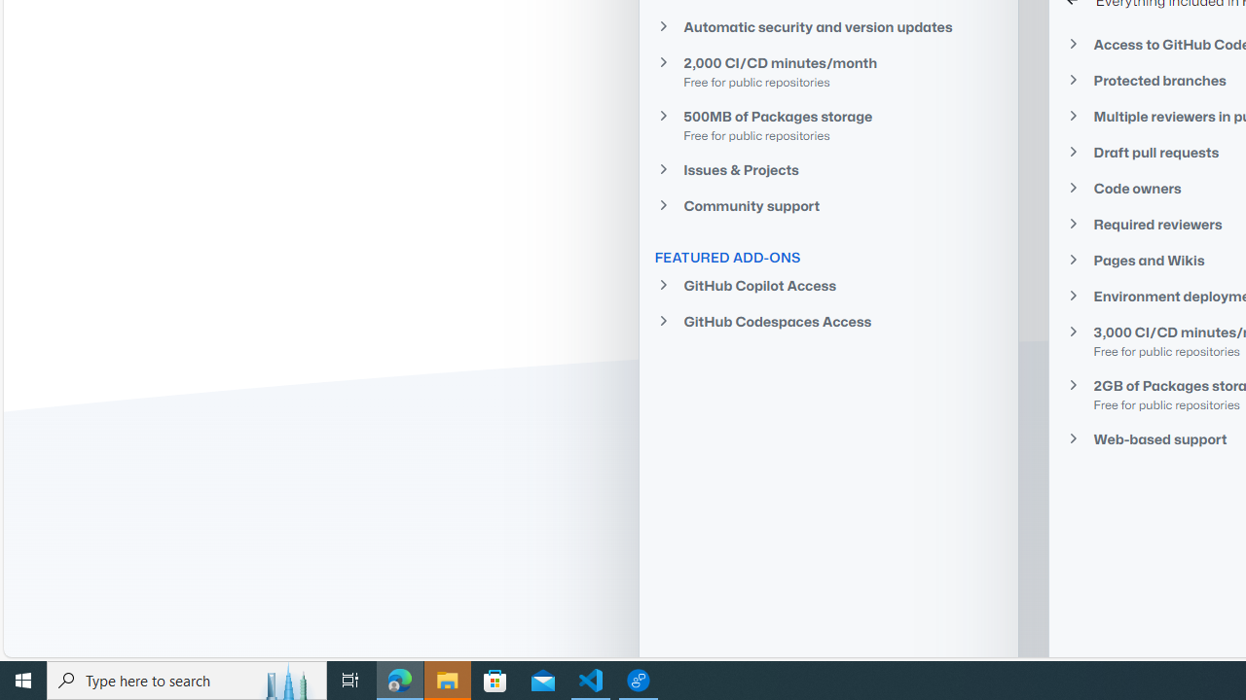  Describe the element at coordinates (828, 26) in the screenshot. I see `'Automatic security and version updates'` at that location.